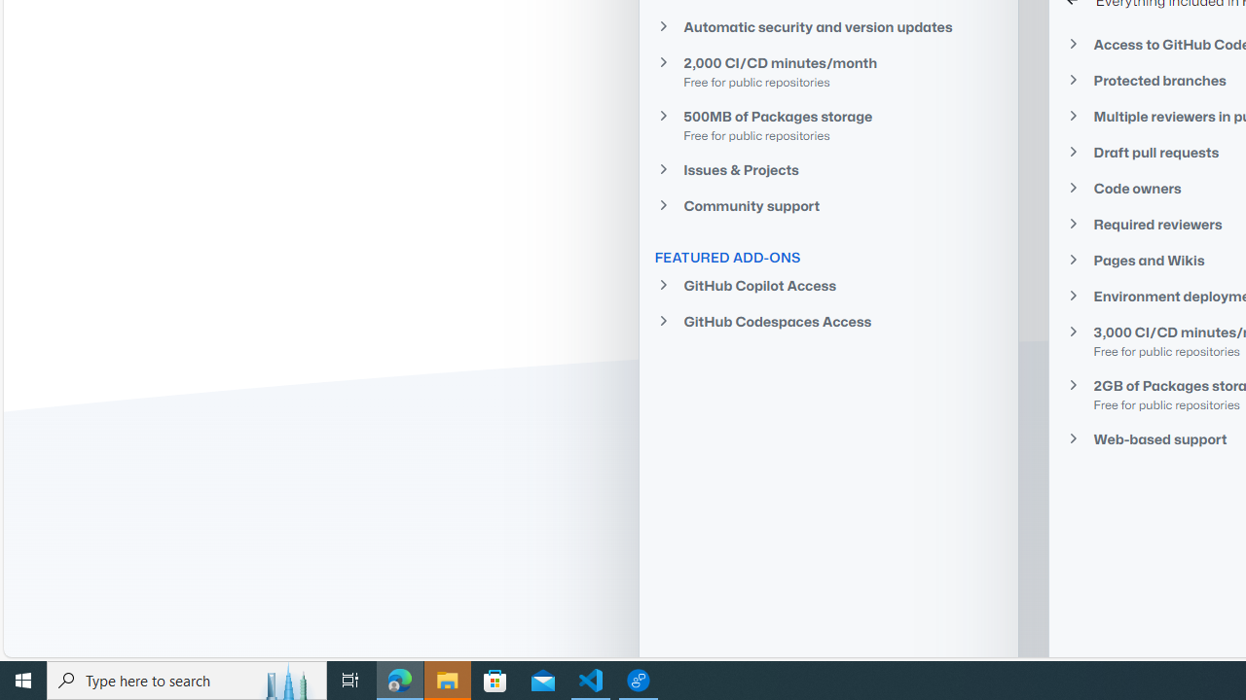  Describe the element at coordinates (828, 26) in the screenshot. I see `'Automatic security and version updates'` at that location.